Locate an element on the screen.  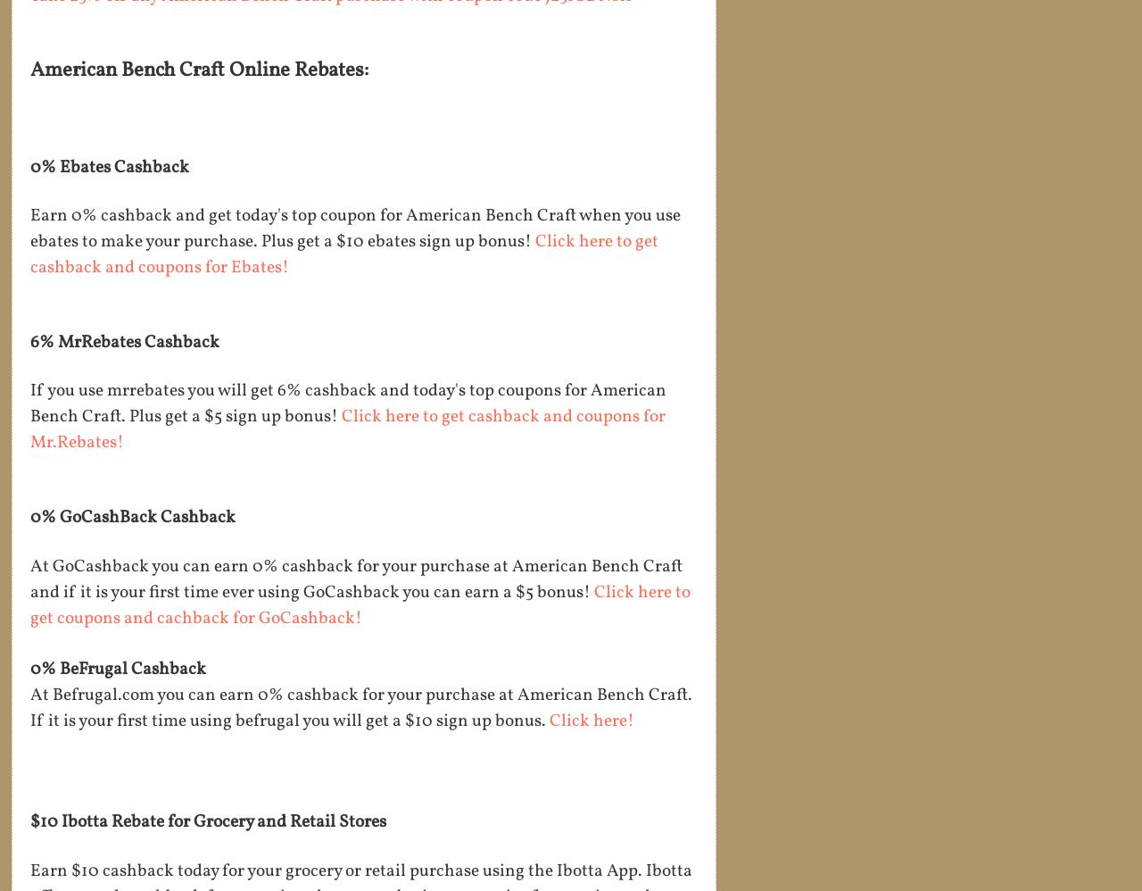
'Click here!' is located at coordinates (593, 721).